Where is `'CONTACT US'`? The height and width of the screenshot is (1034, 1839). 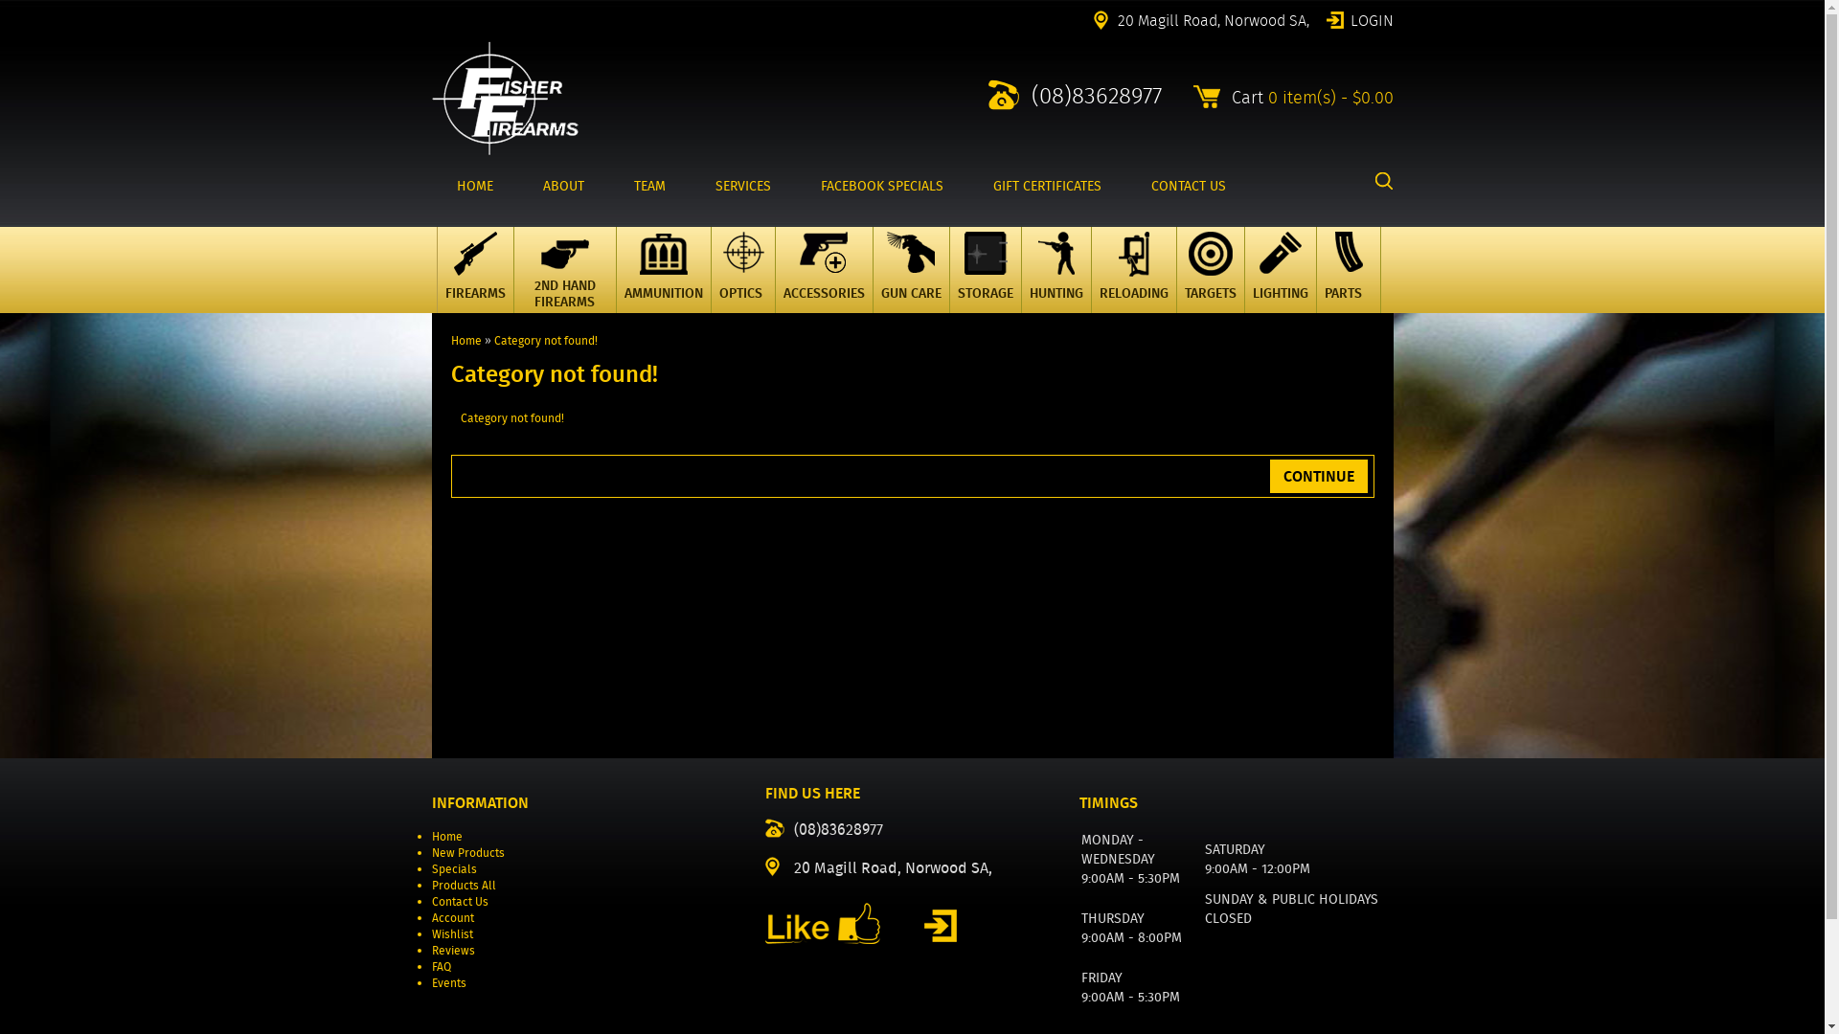
'CONTACT US' is located at coordinates (1188, 186).